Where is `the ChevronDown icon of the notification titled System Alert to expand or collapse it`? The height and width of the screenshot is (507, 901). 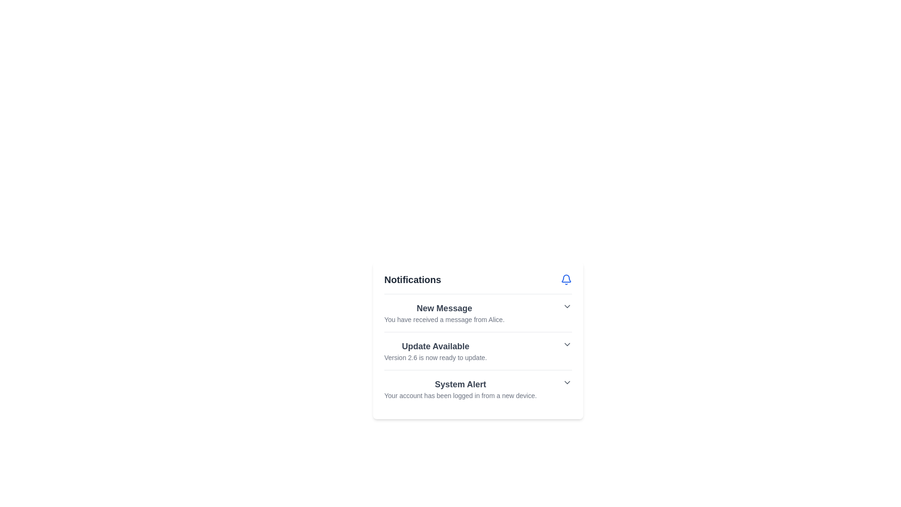
the ChevronDown icon of the notification titled System Alert to expand or collapse it is located at coordinates (567, 382).